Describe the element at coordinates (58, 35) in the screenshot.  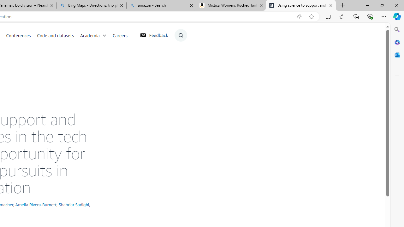
I see `'Code and datasets'` at that location.